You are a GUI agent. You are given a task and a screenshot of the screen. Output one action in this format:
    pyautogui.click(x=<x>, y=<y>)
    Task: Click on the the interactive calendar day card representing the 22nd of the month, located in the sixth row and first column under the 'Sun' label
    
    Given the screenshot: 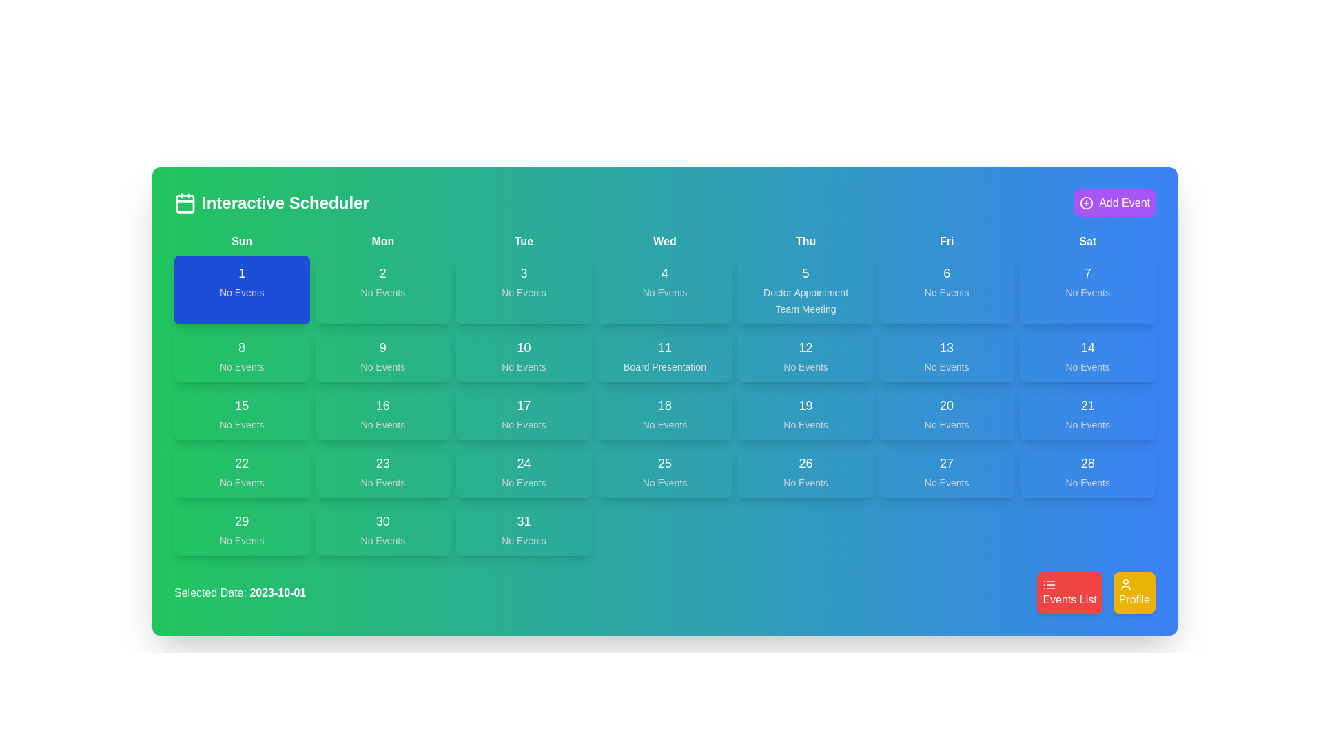 What is the action you would take?
    pyautogui.click(x=242, y=471)
    